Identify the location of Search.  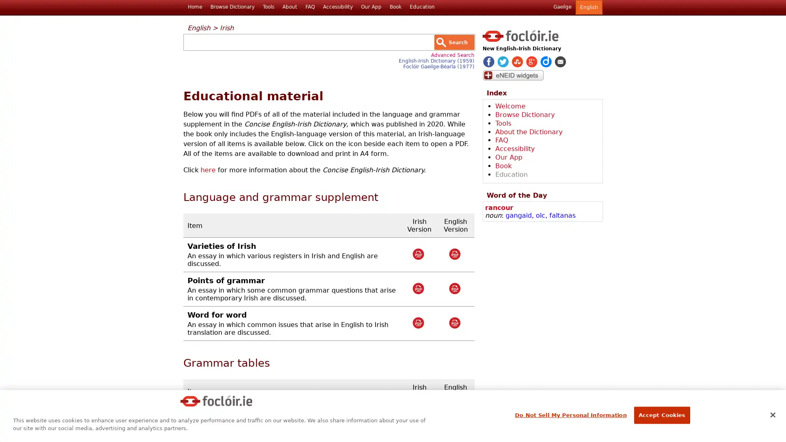
(454, 42).